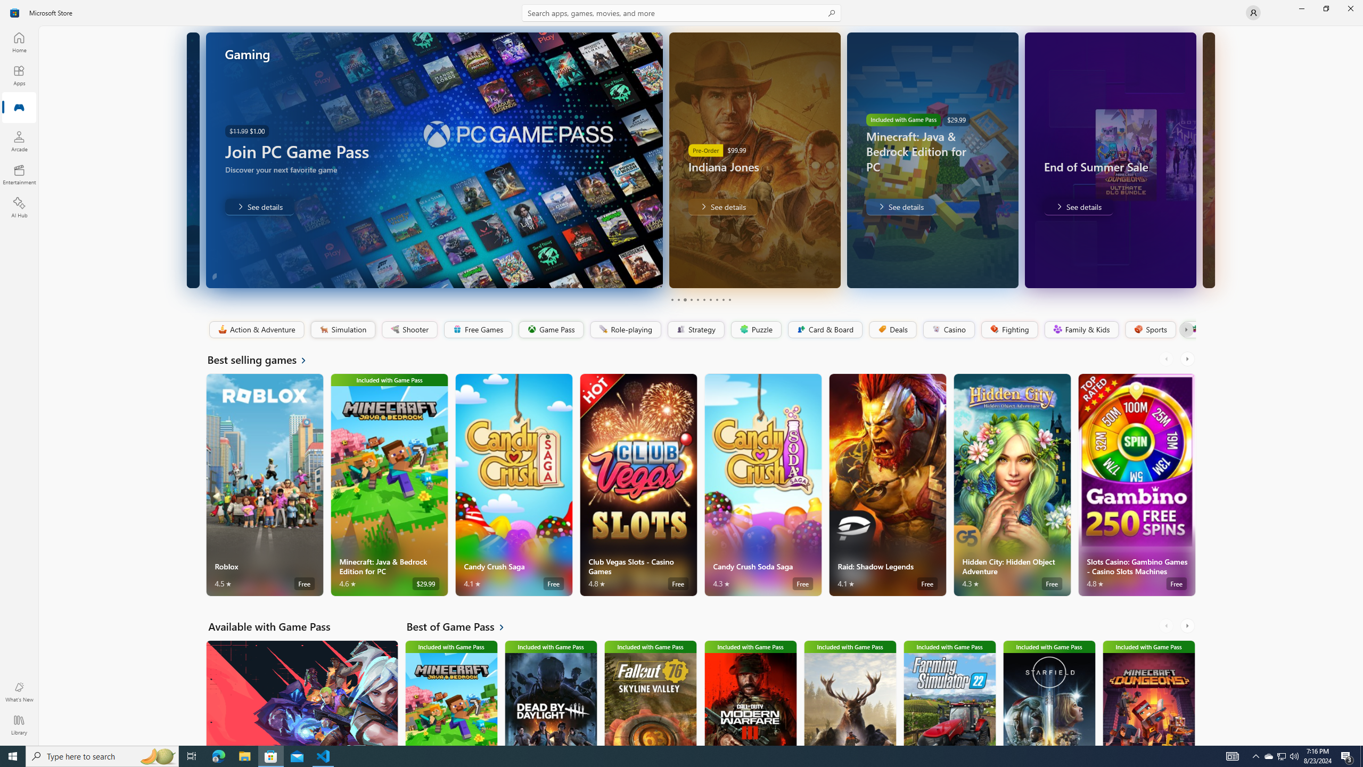 Image resolution: width=1363 pixels, height=767 pixels. I want to click on 'Casino', so click(948, 329).